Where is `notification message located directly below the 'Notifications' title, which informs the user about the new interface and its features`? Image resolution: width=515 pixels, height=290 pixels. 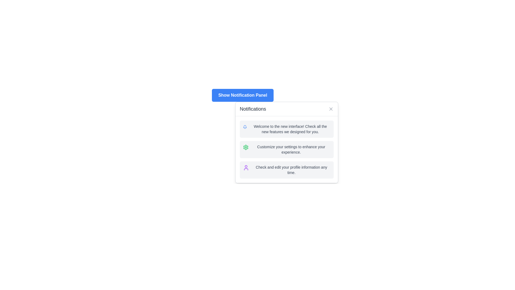
notification message located directly below the 'Notifications' title, which informs the user about the new interface and its features is located at coordinates (286, 129).